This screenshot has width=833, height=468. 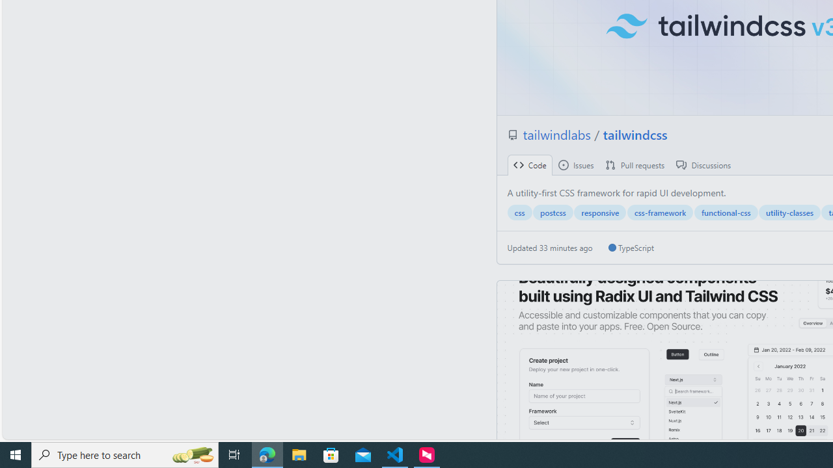 What do you see at coordinates (550, 248) in the screenshot?
I see `'Updated 33 minutes ago'` at bounding box center [550, 248].